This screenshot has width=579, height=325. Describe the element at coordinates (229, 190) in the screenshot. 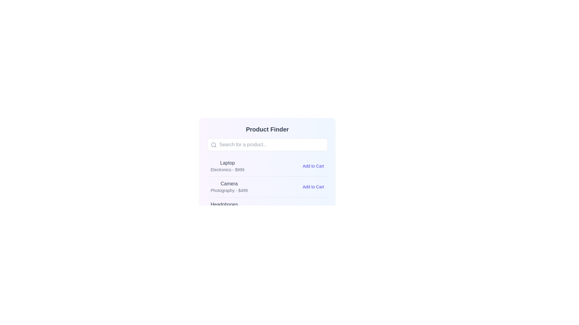

I see `the static text element that provides additional information about the product 'Camera', indicating the category 'Photography' and the price '$499'` at that location.